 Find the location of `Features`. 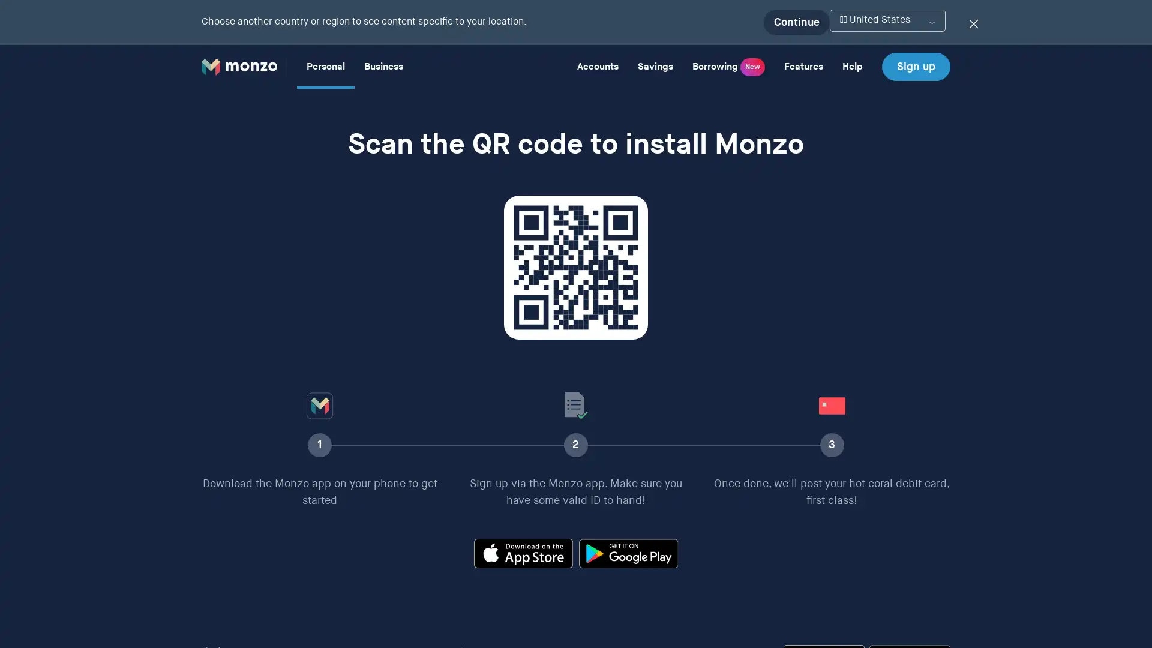

Features is located at coordinates (803, 67).